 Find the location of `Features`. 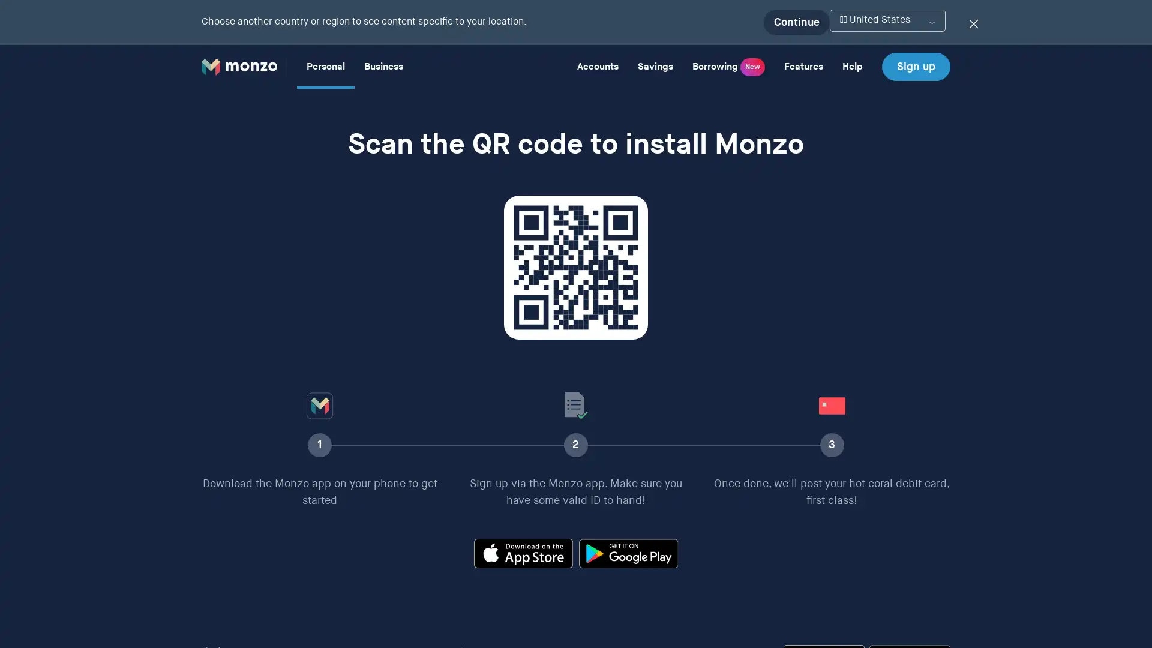

Features is located at coordinates (803, 67).